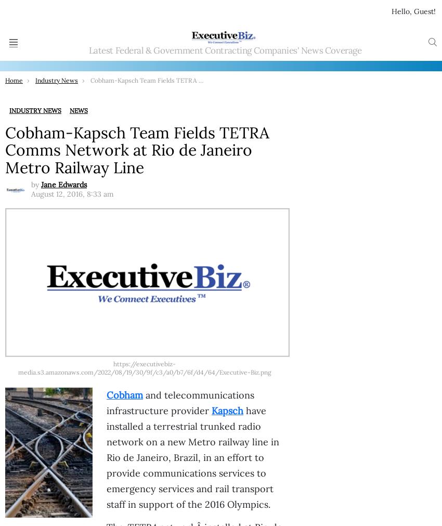 This screenshot has height=526, width=442. Describe the element at coordinates (210, 506) in the screenshot. I see `'Parsons’ Q3 2023 Revenue Increases 25% to $1.4B; Carey Smith Quoted'` at that location.